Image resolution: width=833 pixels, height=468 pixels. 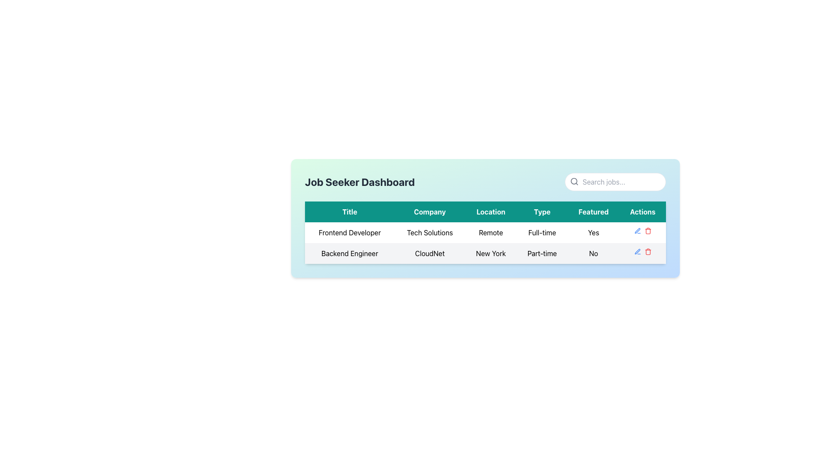 What do you see at coordinates (593, 212) in the screenshot?
I see `the fifth column header in the table, which indicates whether an item is featured, located between the 'Type' and 'Actions' columns` at bounding box center [593, 212].